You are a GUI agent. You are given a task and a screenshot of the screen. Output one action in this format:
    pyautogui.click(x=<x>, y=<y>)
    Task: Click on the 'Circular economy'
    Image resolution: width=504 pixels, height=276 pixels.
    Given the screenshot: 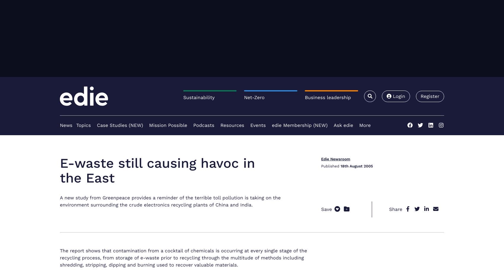 What is the action you would take?
    pyautogui.click(x=78, y=248)
    